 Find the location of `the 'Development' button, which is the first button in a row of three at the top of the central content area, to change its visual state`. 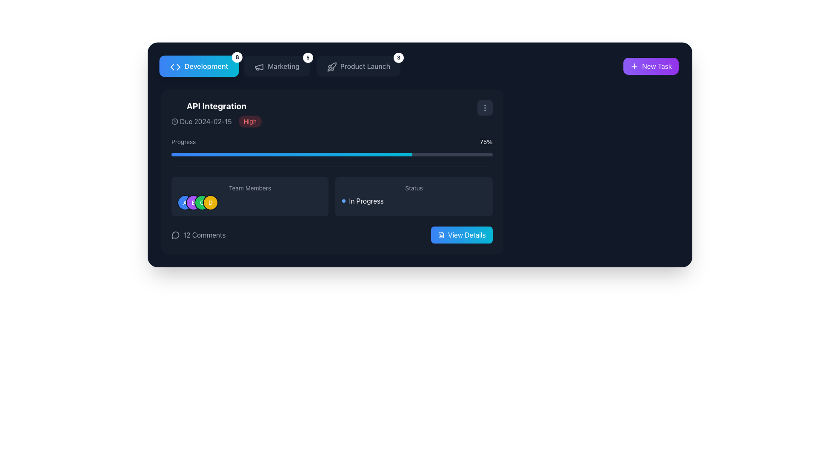

the 'Development' button, which is the first button in a row of three at the top of the central content area, to change its visual state is located at coordinates (199, 65).